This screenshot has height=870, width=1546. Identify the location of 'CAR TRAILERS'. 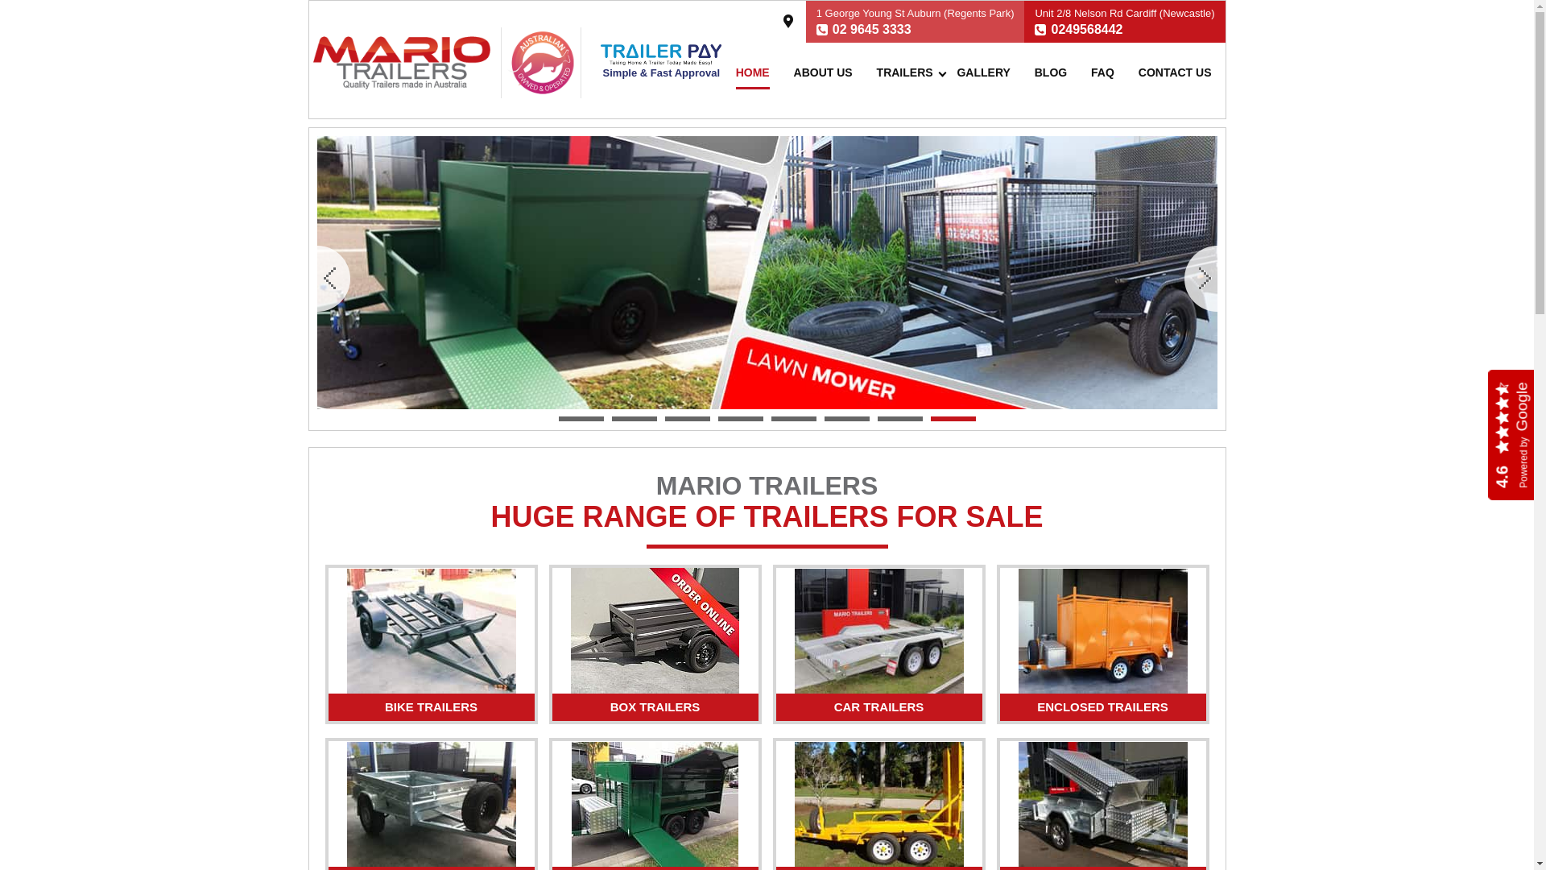
(878, 707).